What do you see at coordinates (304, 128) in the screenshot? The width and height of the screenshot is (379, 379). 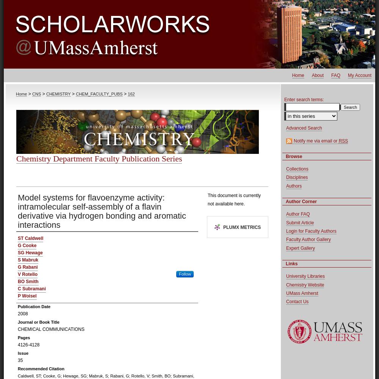 I see `'Advanced Search'` at bounding box center [304, 128].